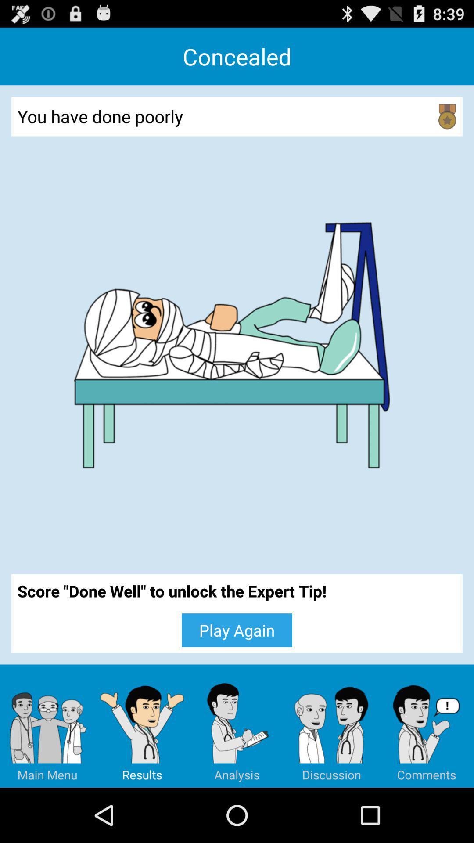  I want to click on icon below the score done well, so click(47, 726).